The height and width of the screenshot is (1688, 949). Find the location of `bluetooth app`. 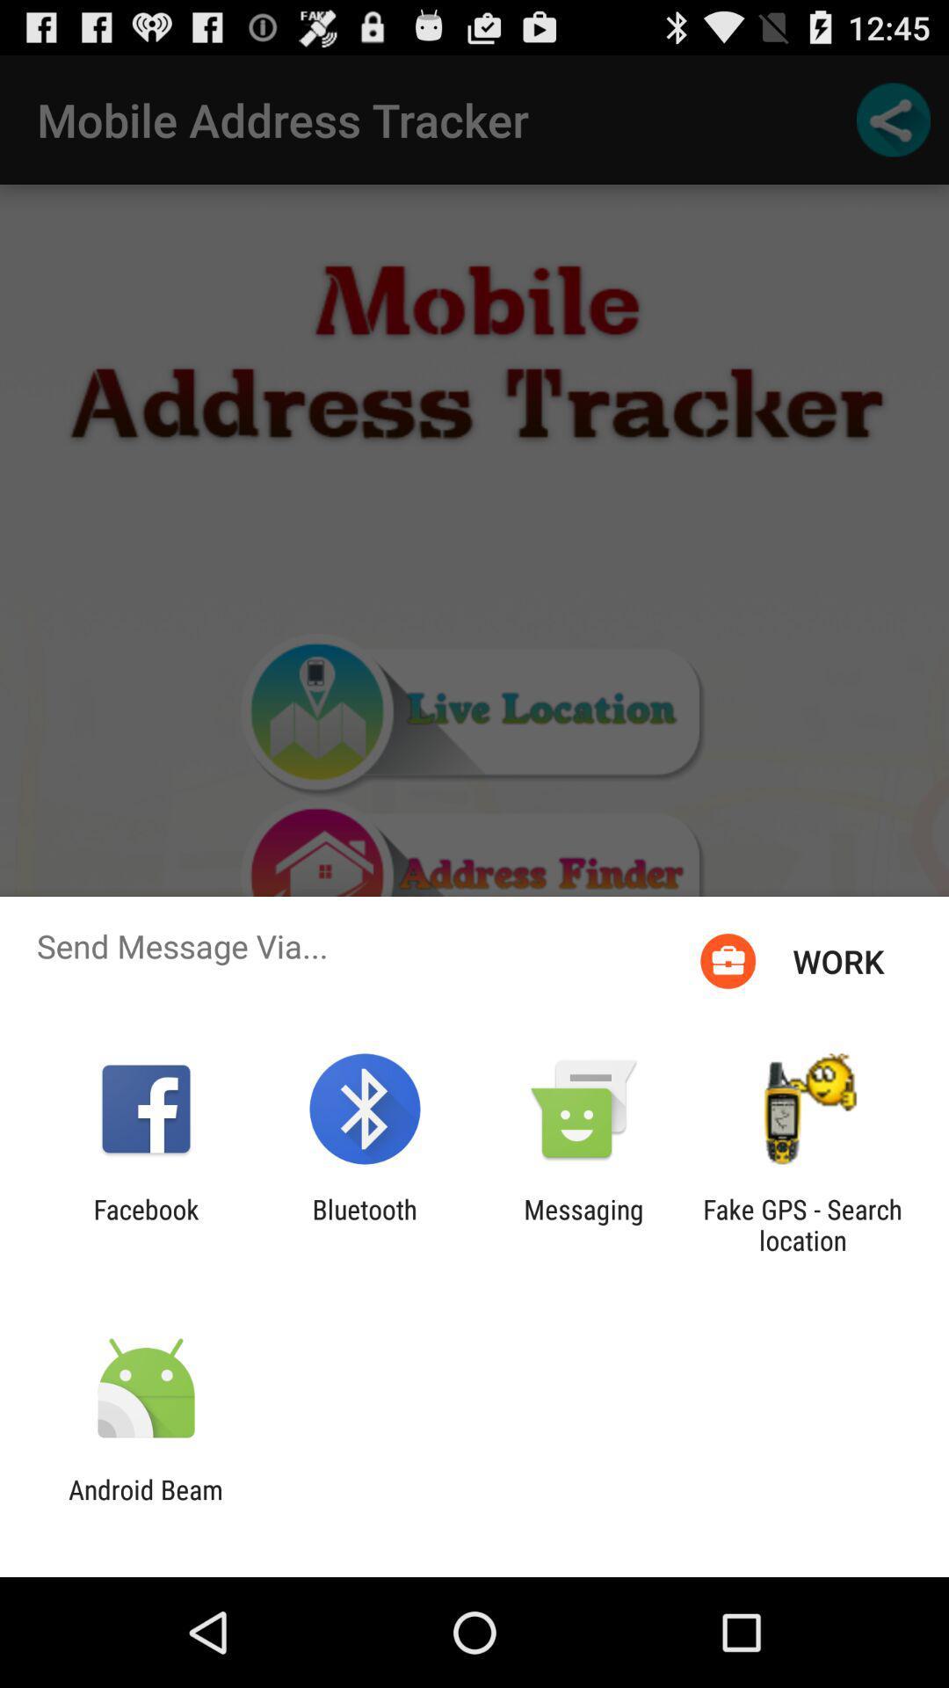

bluetooth app is located at coordinates (364, 1224).